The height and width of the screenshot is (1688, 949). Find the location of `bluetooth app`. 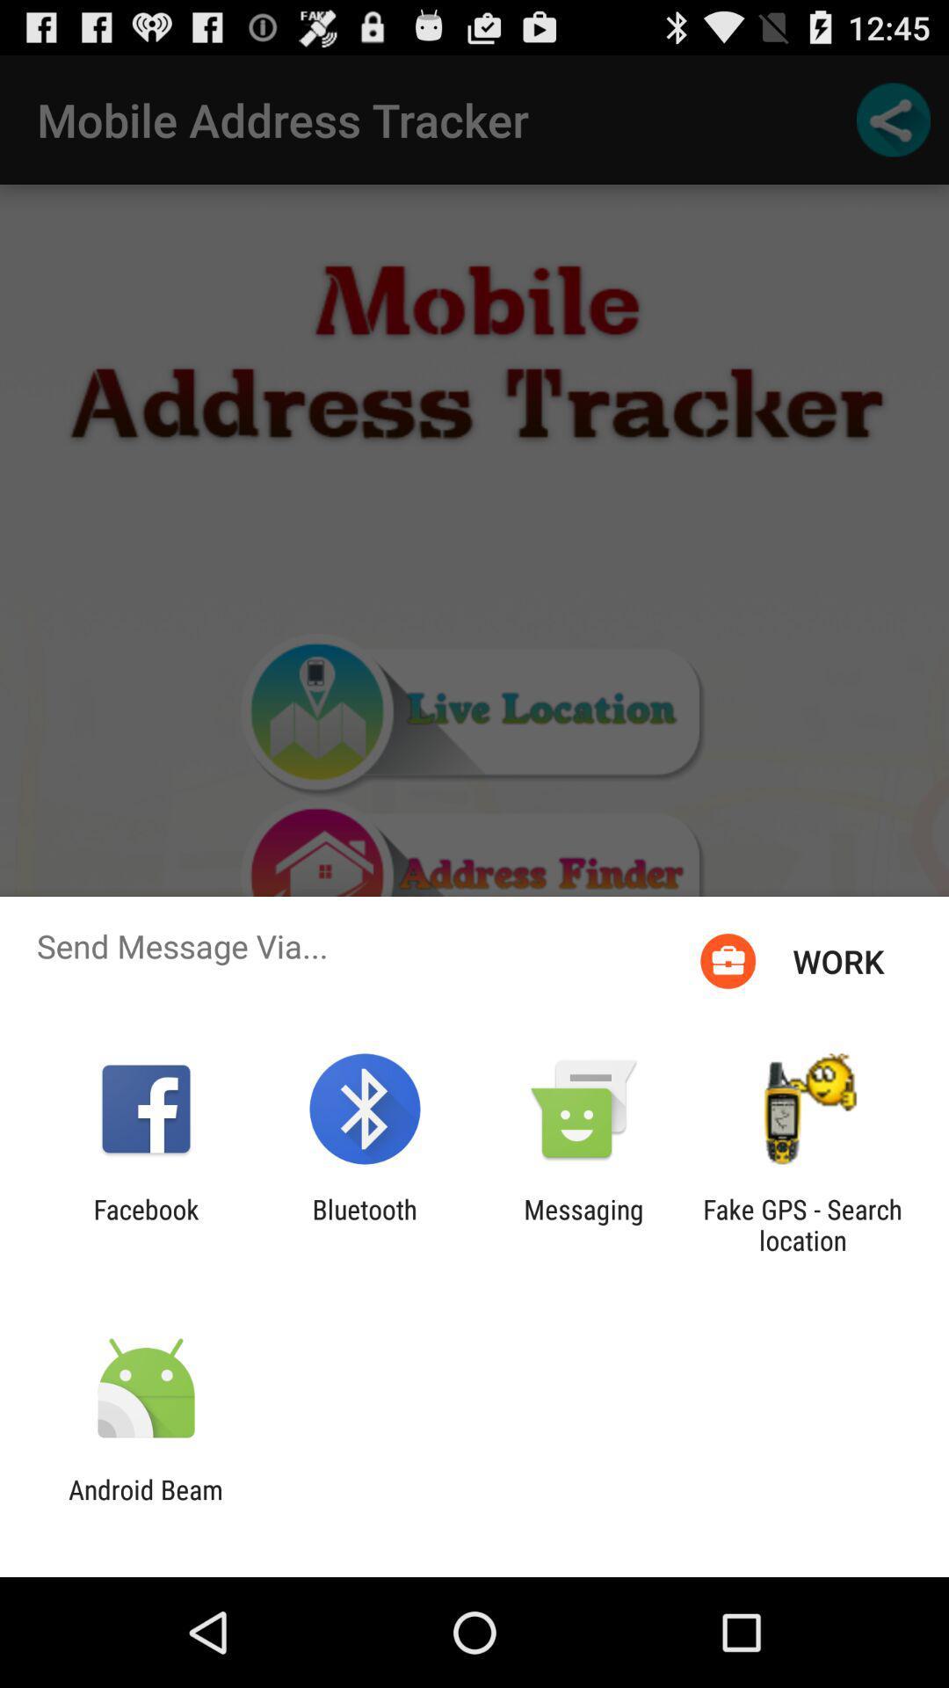

bluetooth app is located at coordinates (364, 1224).